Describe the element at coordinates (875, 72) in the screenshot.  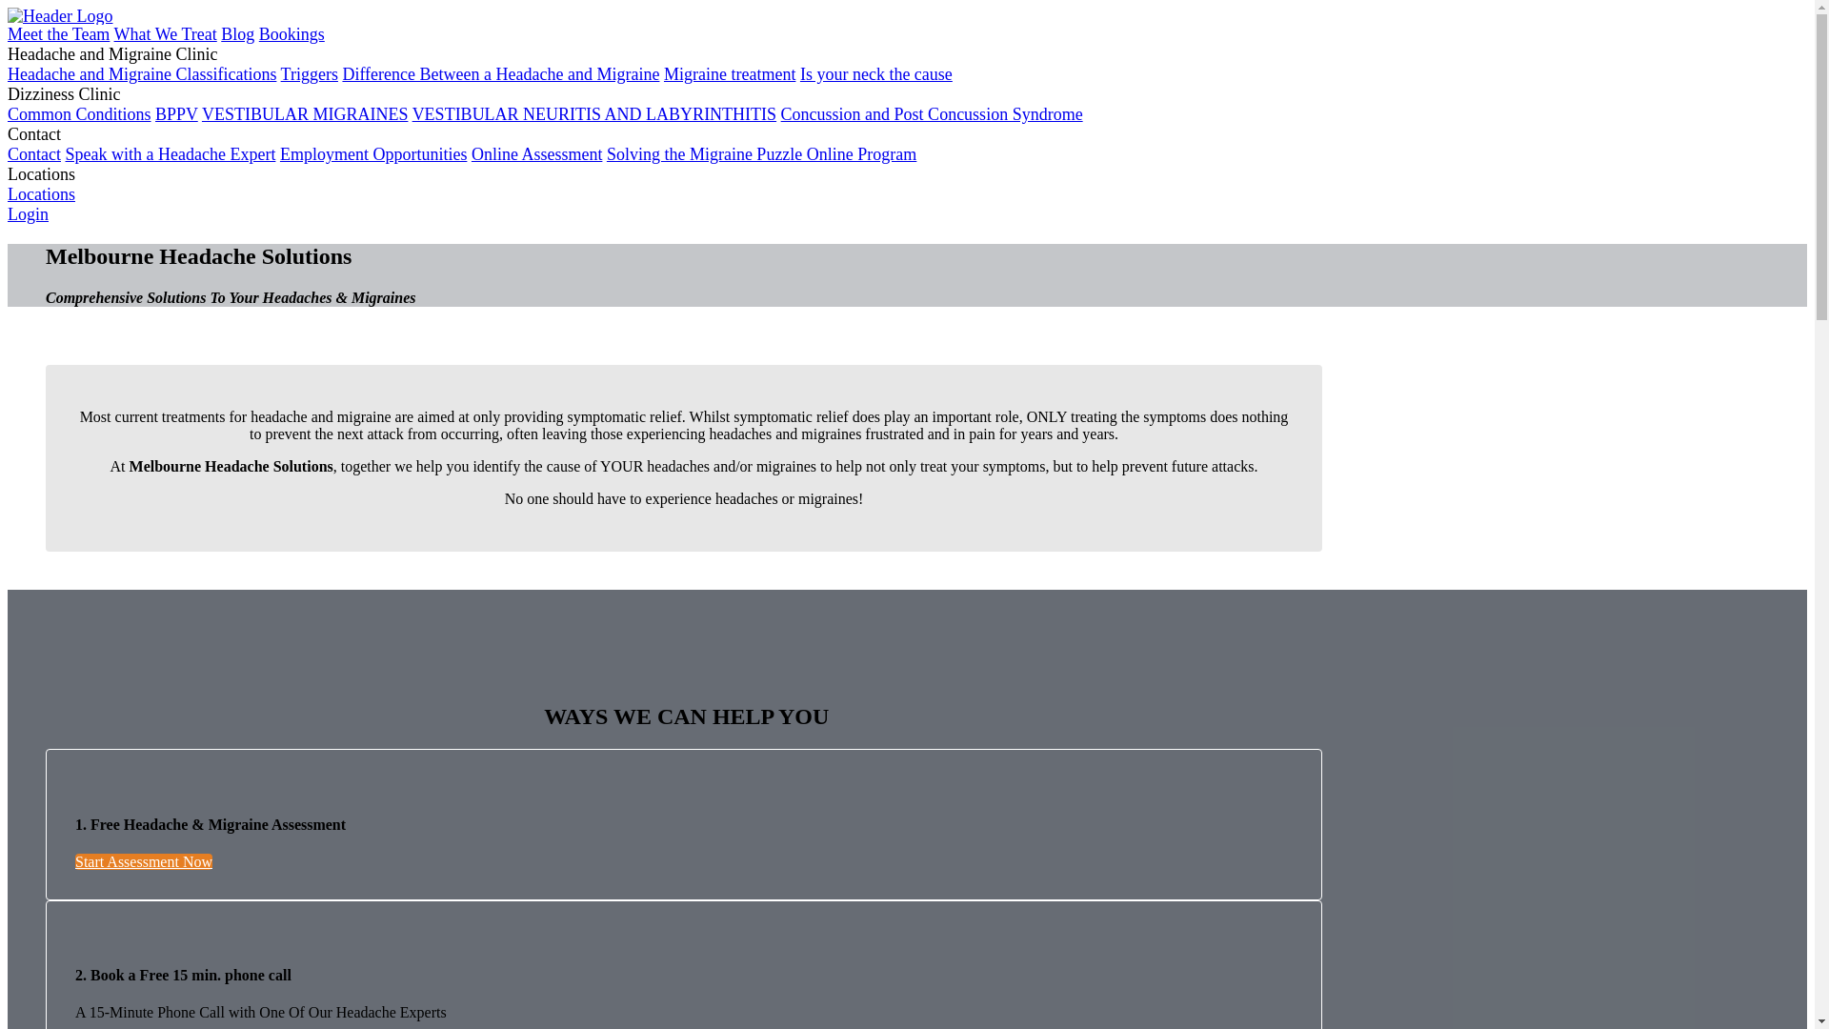
I see `'Is your neck the cause'` at that location.